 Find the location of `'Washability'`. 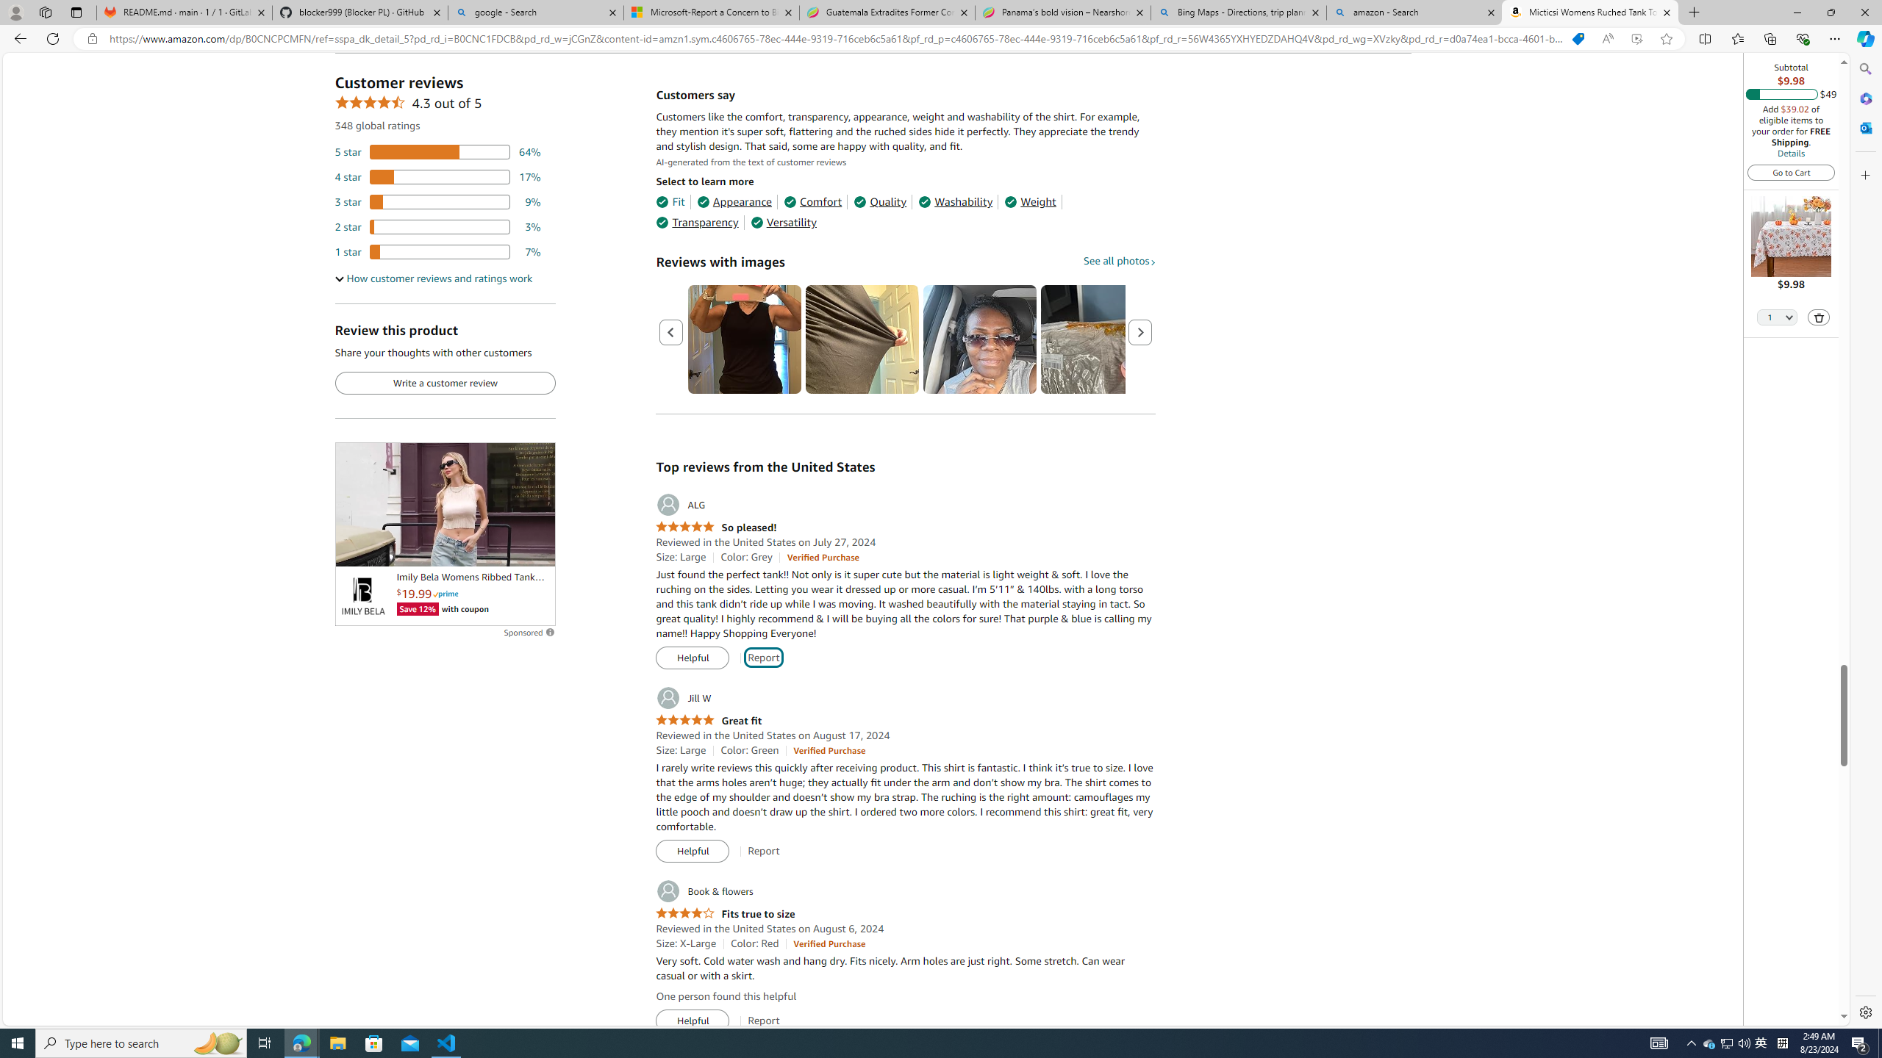

'Washability' is located at coordinates (956, 202).